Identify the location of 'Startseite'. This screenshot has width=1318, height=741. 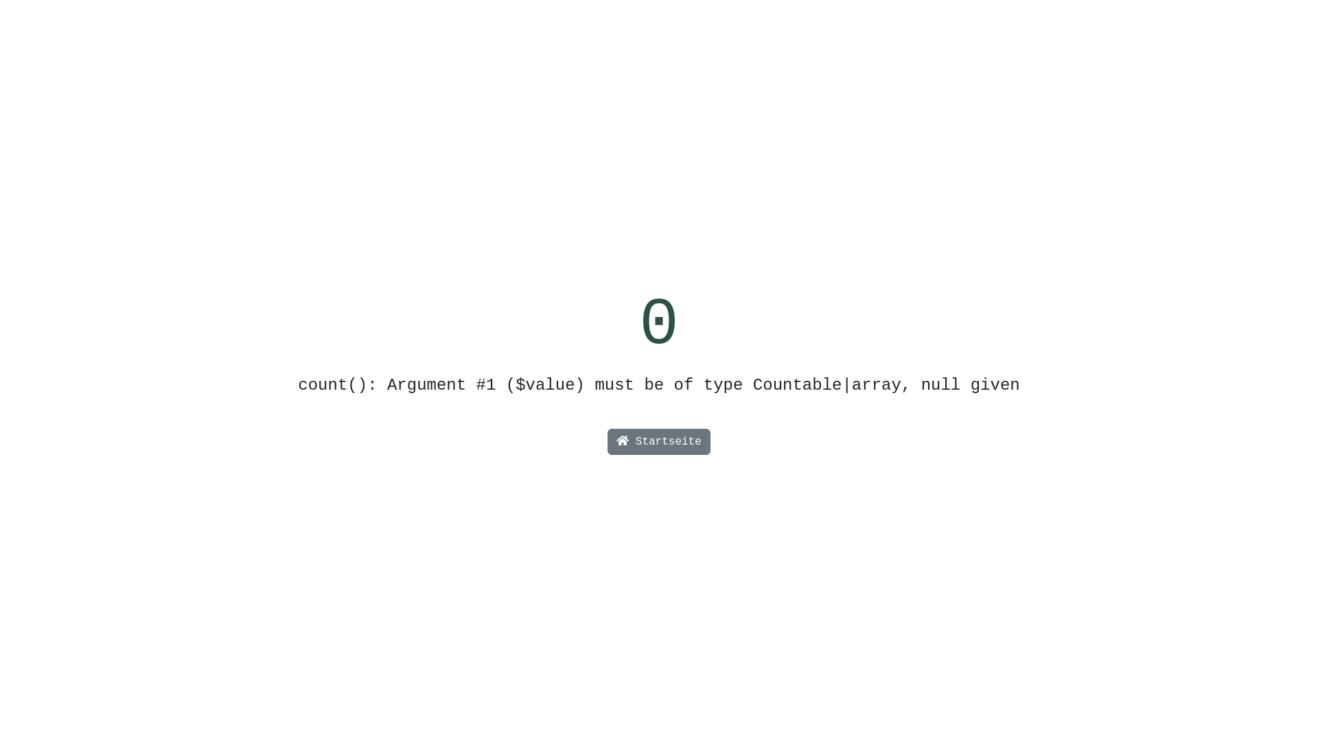
(659, 442).